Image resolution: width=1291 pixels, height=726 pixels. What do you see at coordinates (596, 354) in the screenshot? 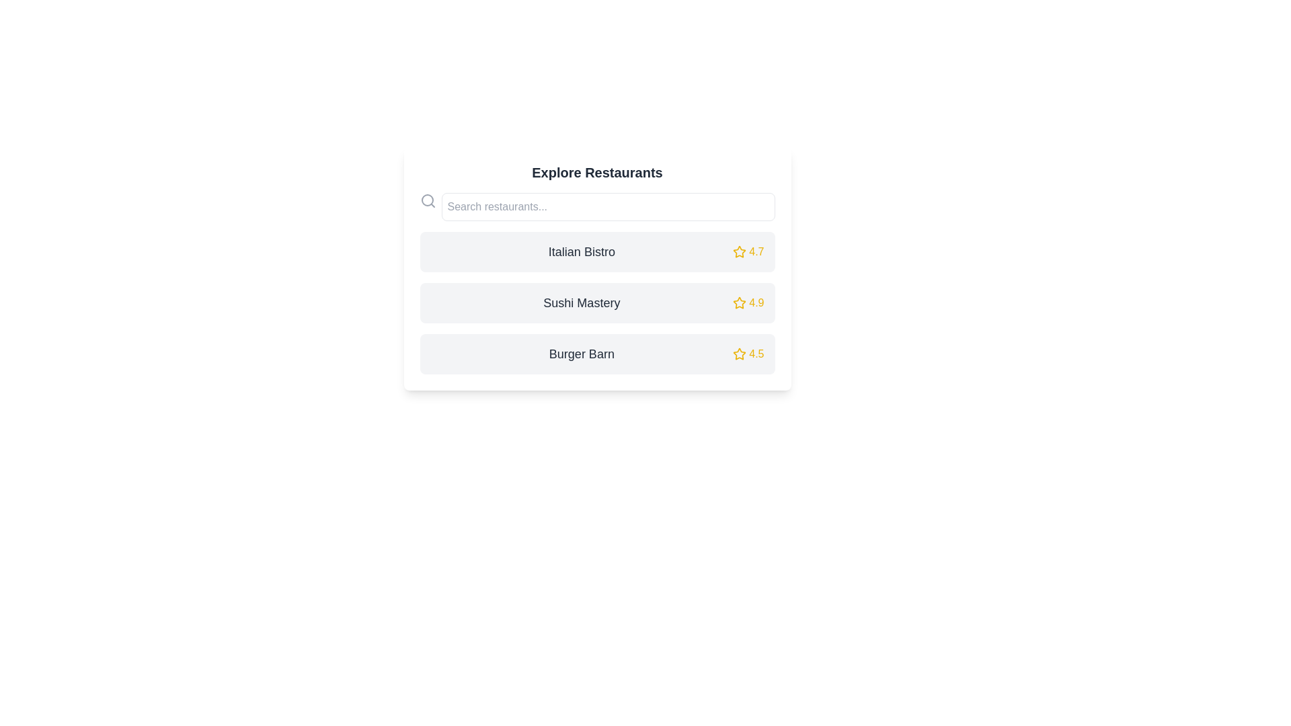
I see `the 'Burger Barn' list item, which is the third item in a vertical list of restaurants, featuring rounded corners, a light gray background, and a yellow star icon with a rating of '4.5'` at bounding box center [596, 354].